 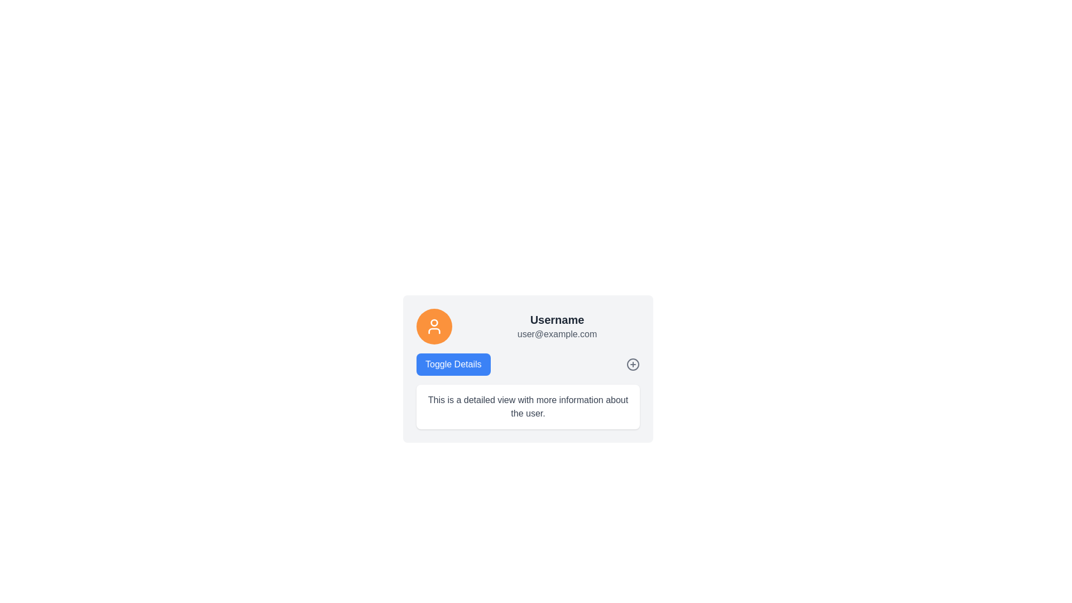 I want to click on the circular icon button with a '+' symbol on the right side of the 'Toggle Details' button, so click(x=633, y=364).